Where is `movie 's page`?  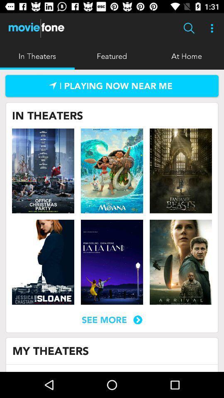
movie 's page is located at coordinates (180, 262).